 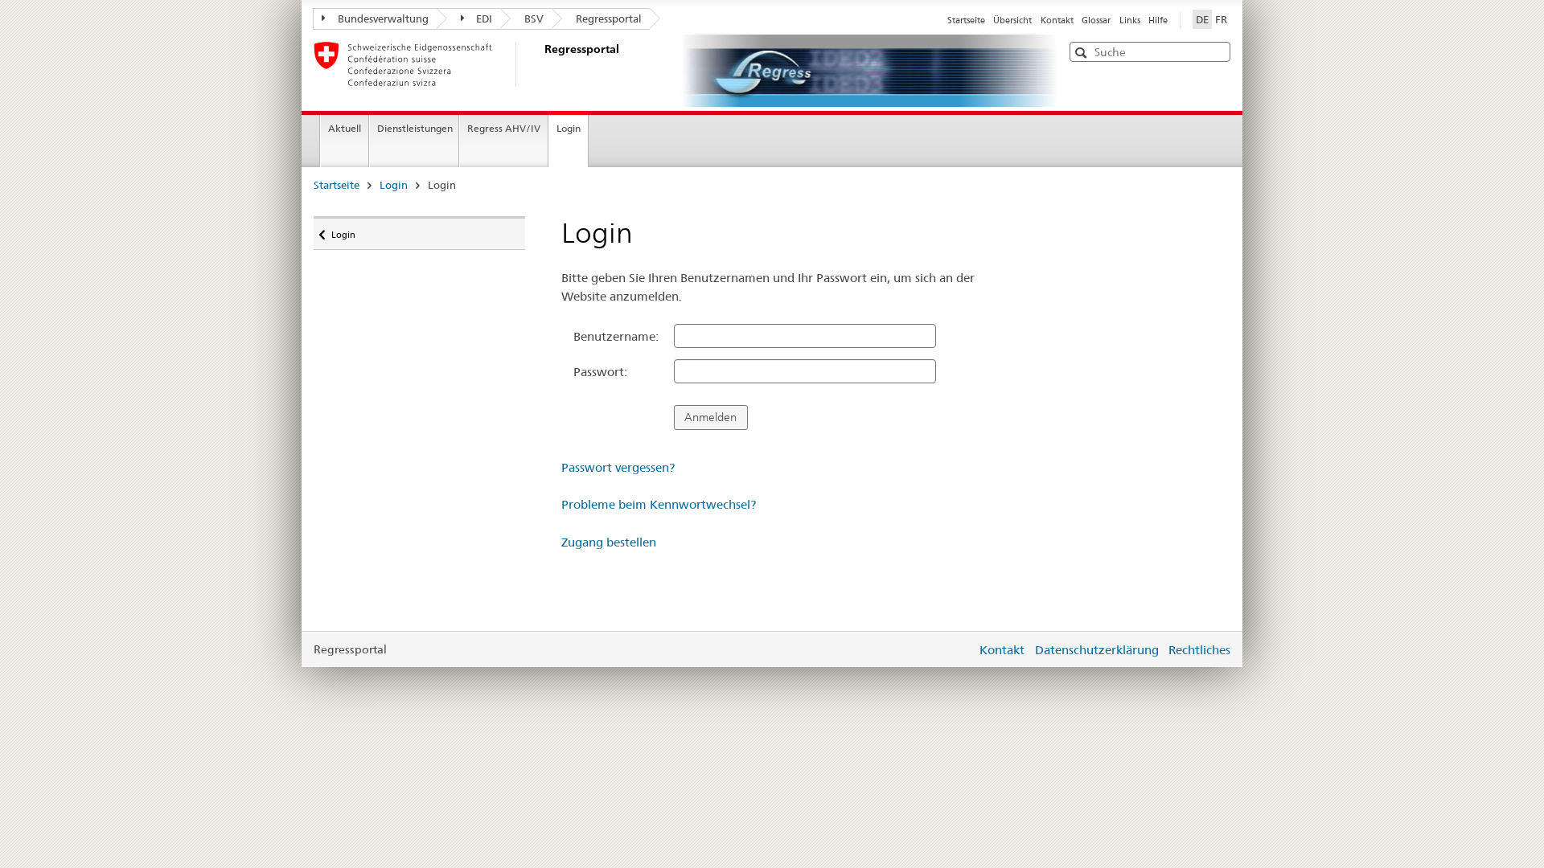 What do you see at coordinates (373, 18) in the screenshot?
I see `'Bundesverwaltung'` at bounding box center [373, 18].